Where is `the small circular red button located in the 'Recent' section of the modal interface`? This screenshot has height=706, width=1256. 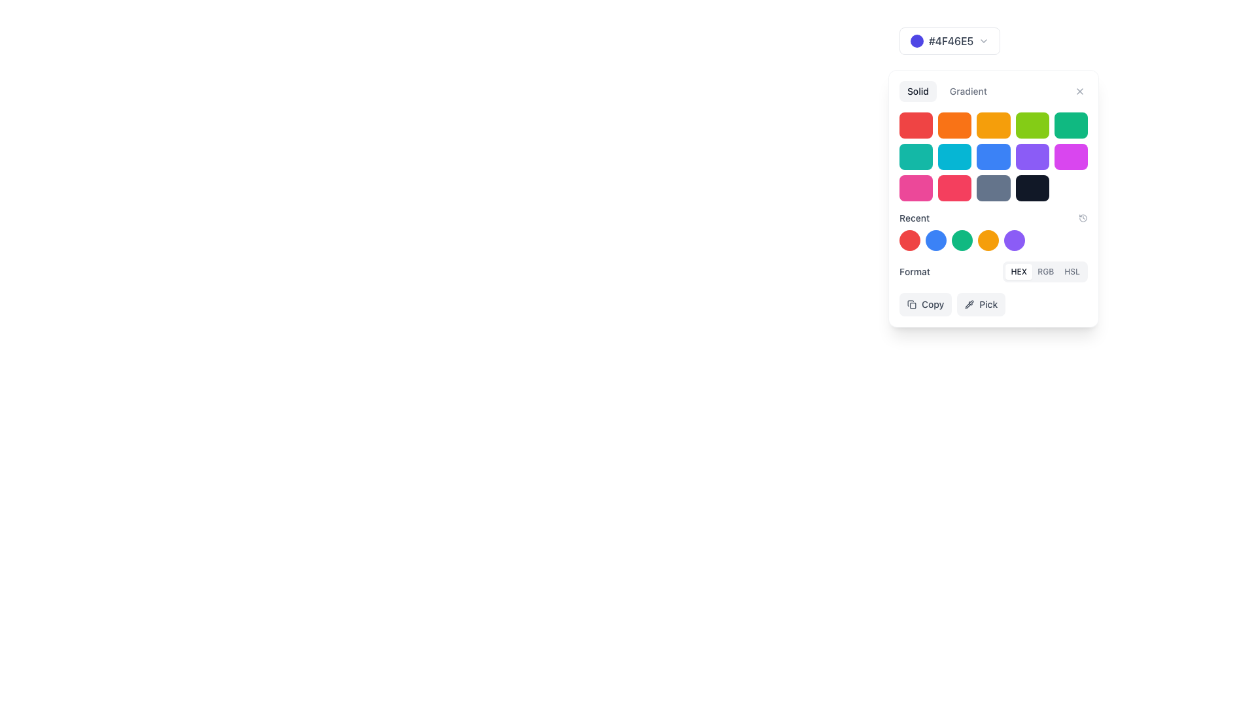 the small circular red button located in the 'Recent' section of the modal interface is located at coordinates (909, 240).